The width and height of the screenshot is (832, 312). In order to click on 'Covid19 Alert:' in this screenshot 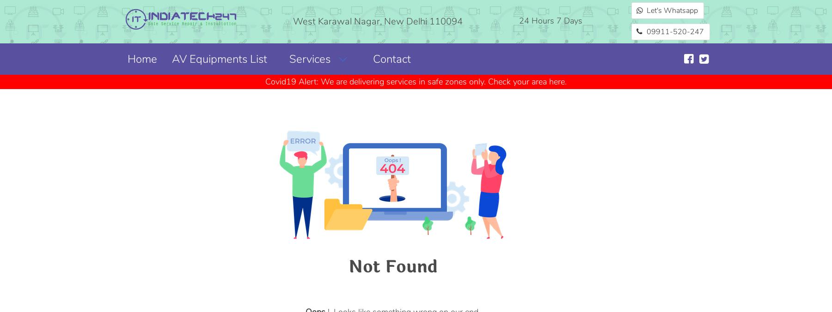, I will do `click(292, 81)`.